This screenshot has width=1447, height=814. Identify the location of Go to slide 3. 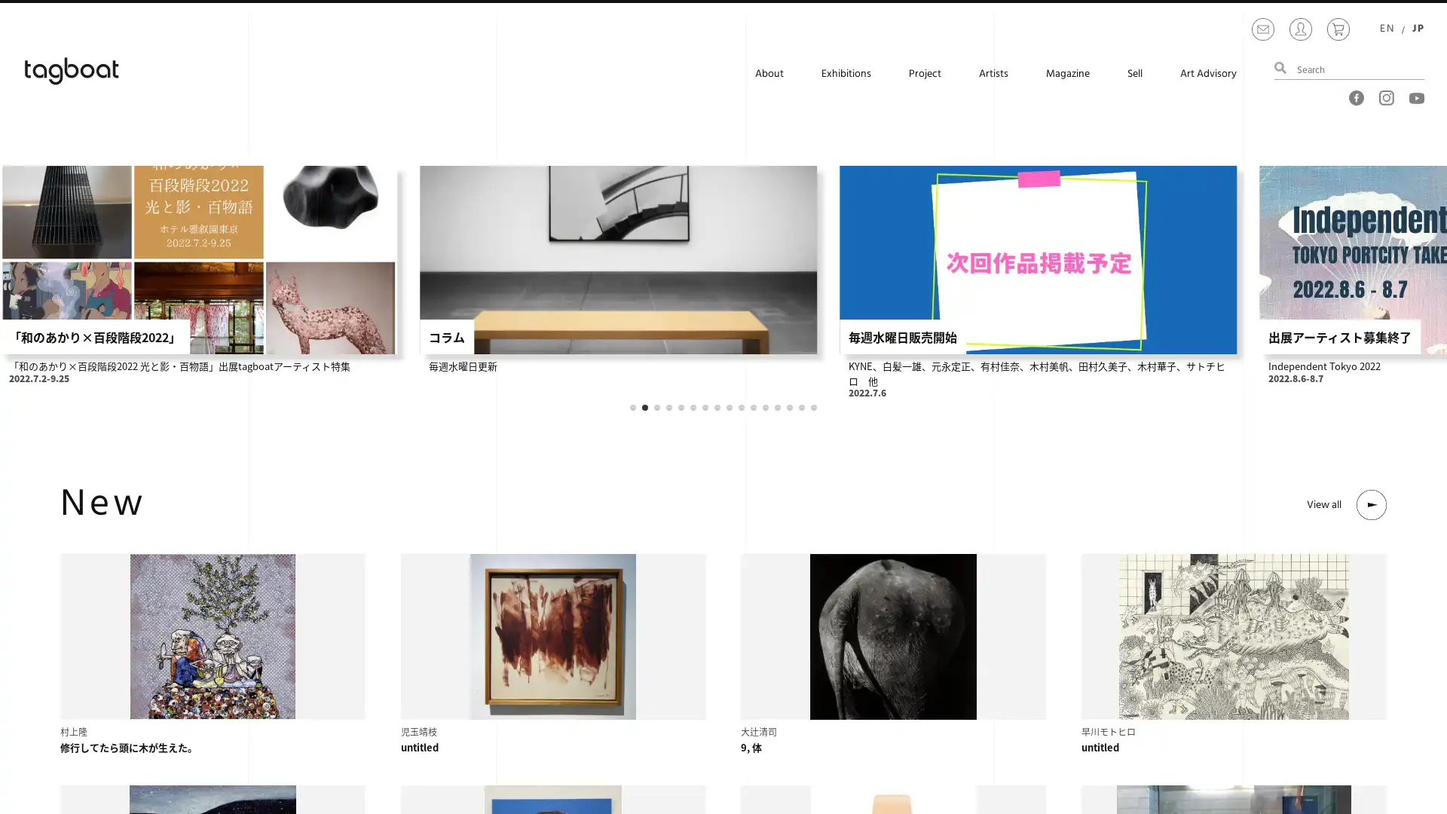
(657, 407).